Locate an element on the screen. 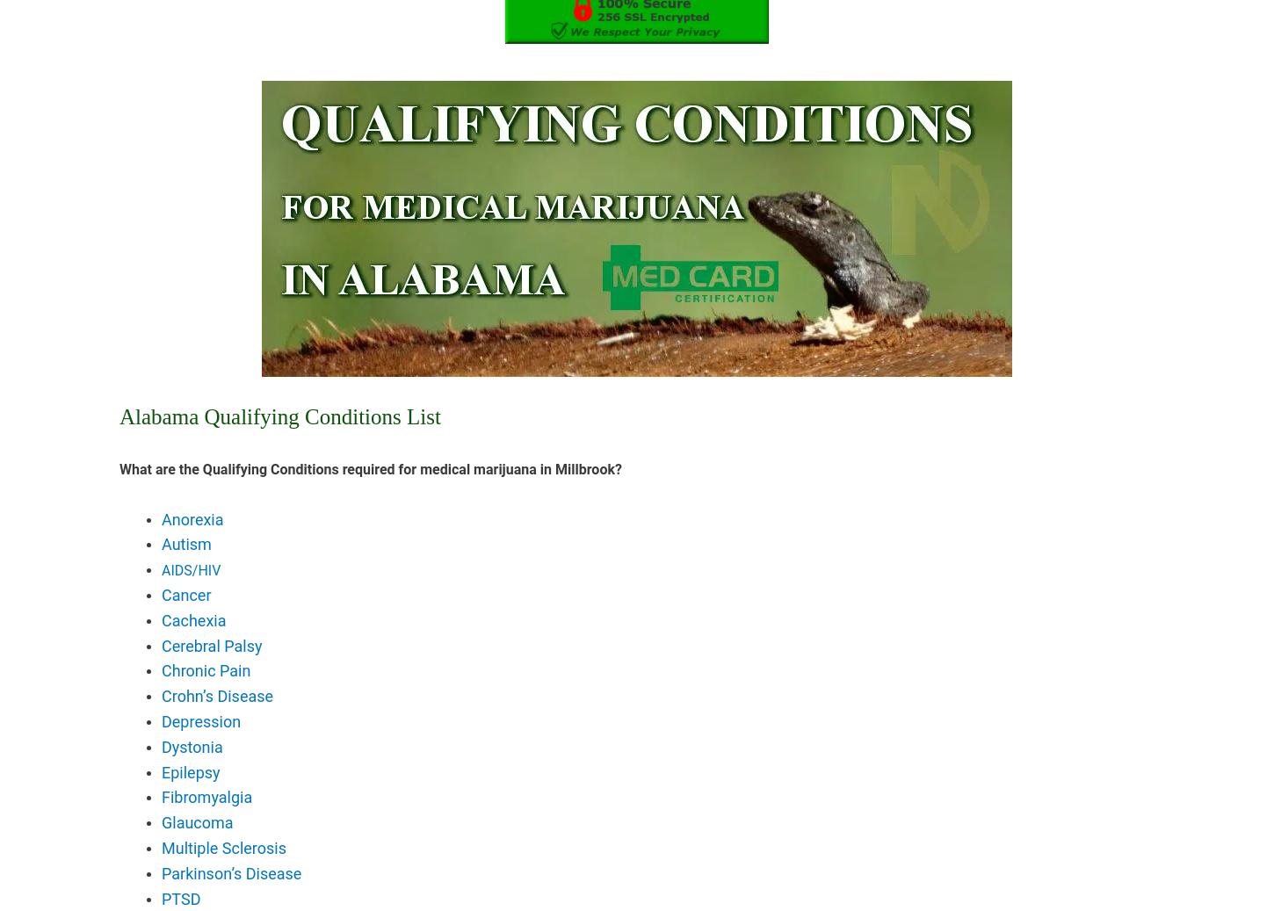 This screenshot has width=1274, height=911. 'Anorexia' is located at coordinates (161, 518).